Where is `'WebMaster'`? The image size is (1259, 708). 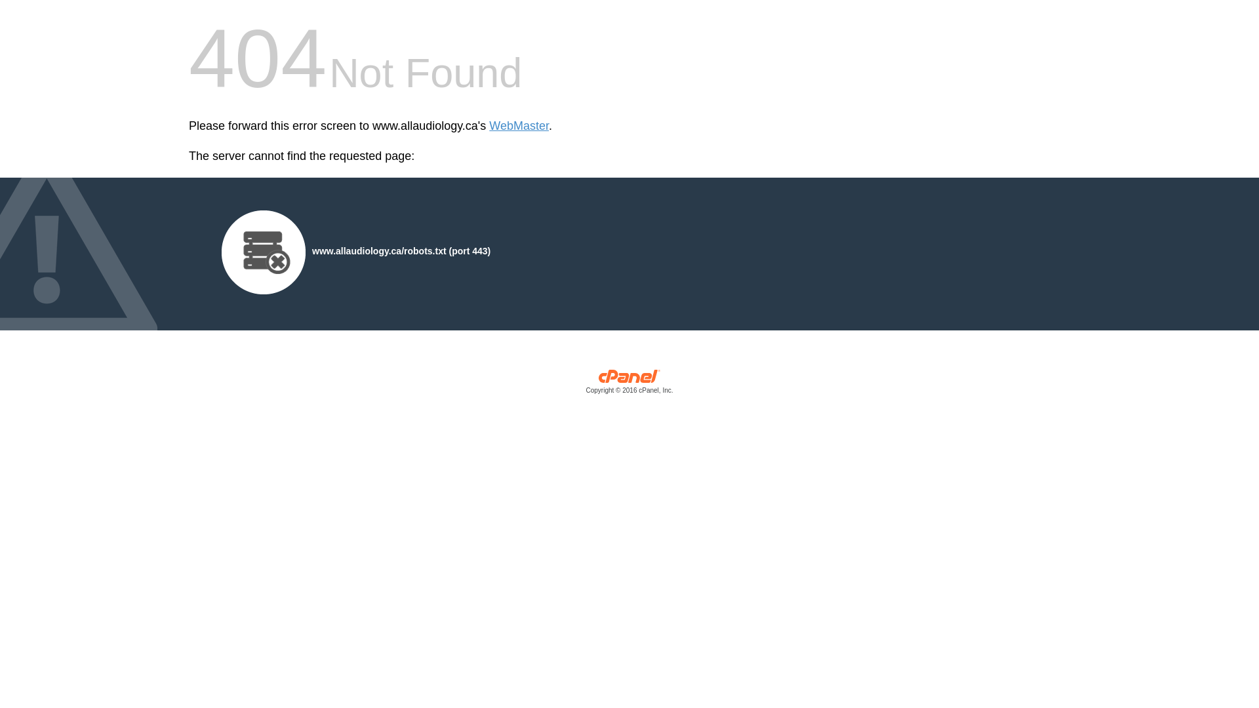
'WebMaster' is located at coordinates (518, 126).